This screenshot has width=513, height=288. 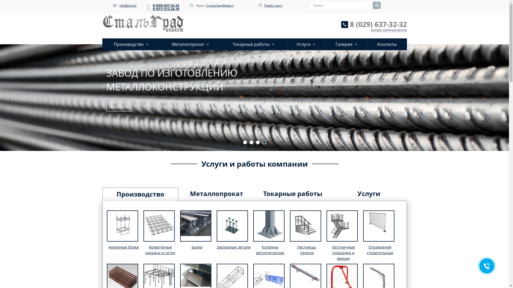 I want to click on 'info@sgi.by', so click(x=127, y=5).